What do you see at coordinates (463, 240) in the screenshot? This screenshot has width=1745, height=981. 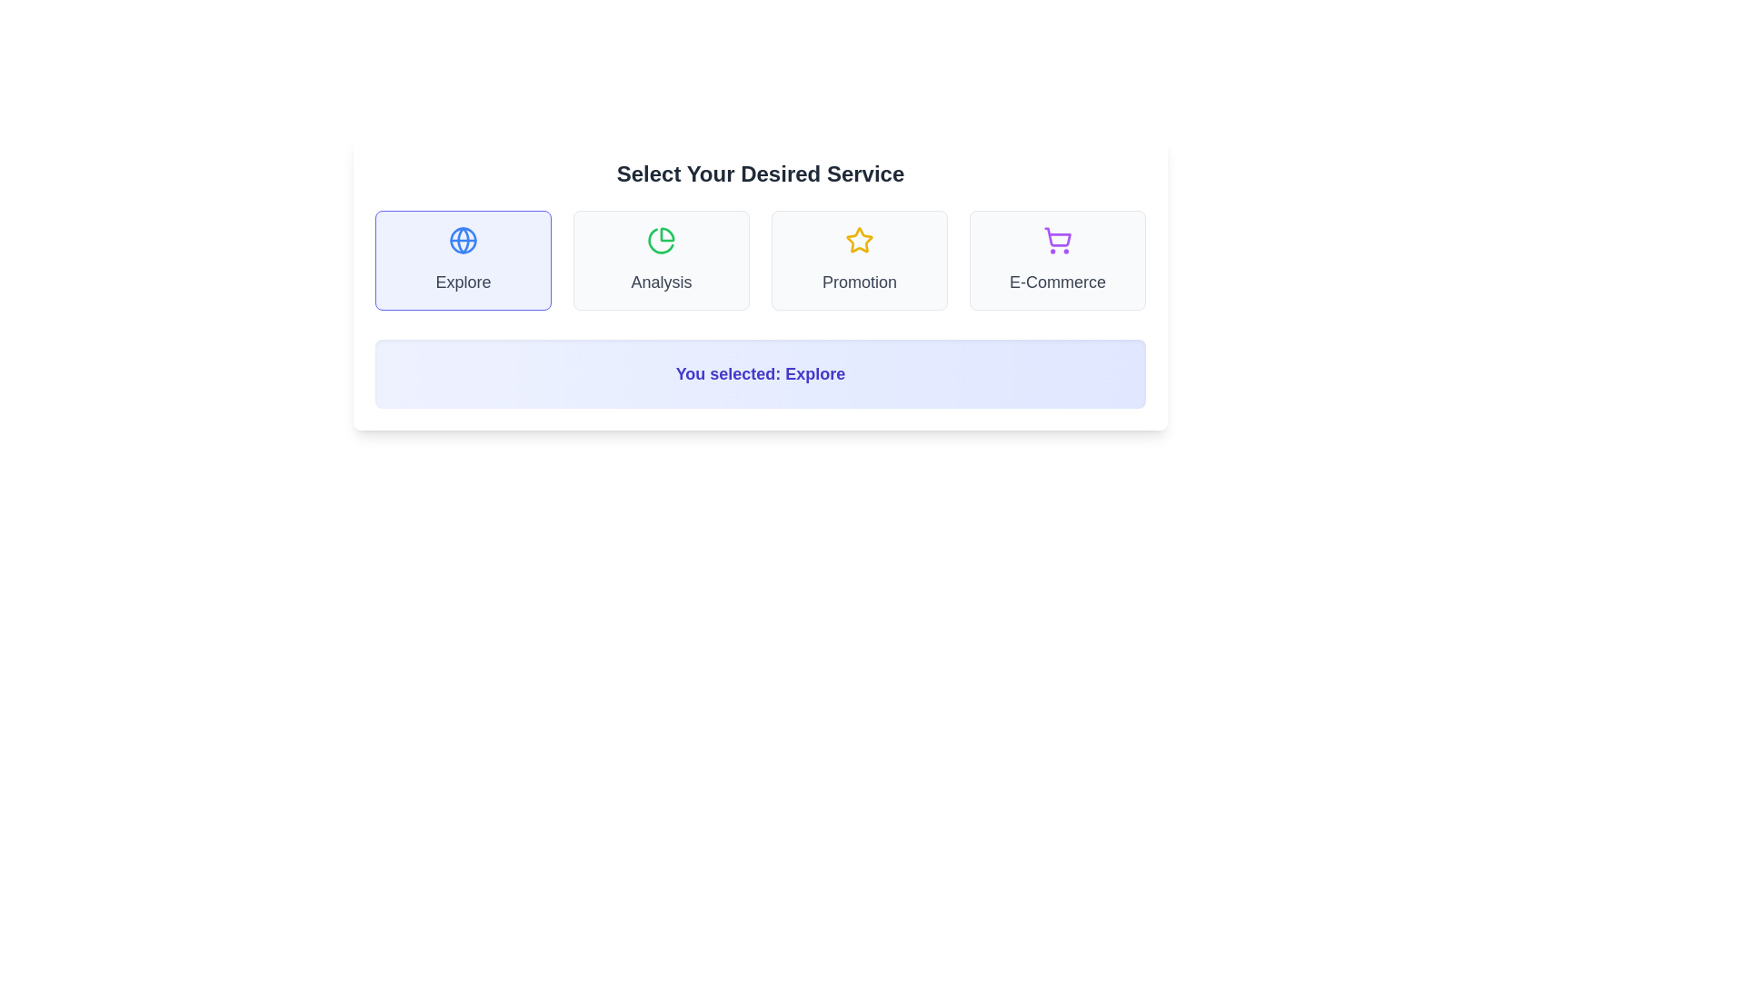 I see `the circular decorative graphical component with a blue outline, which is part of the globe icon within the 'Explore' option in the service selection interface` at bounding box center [463, 240].